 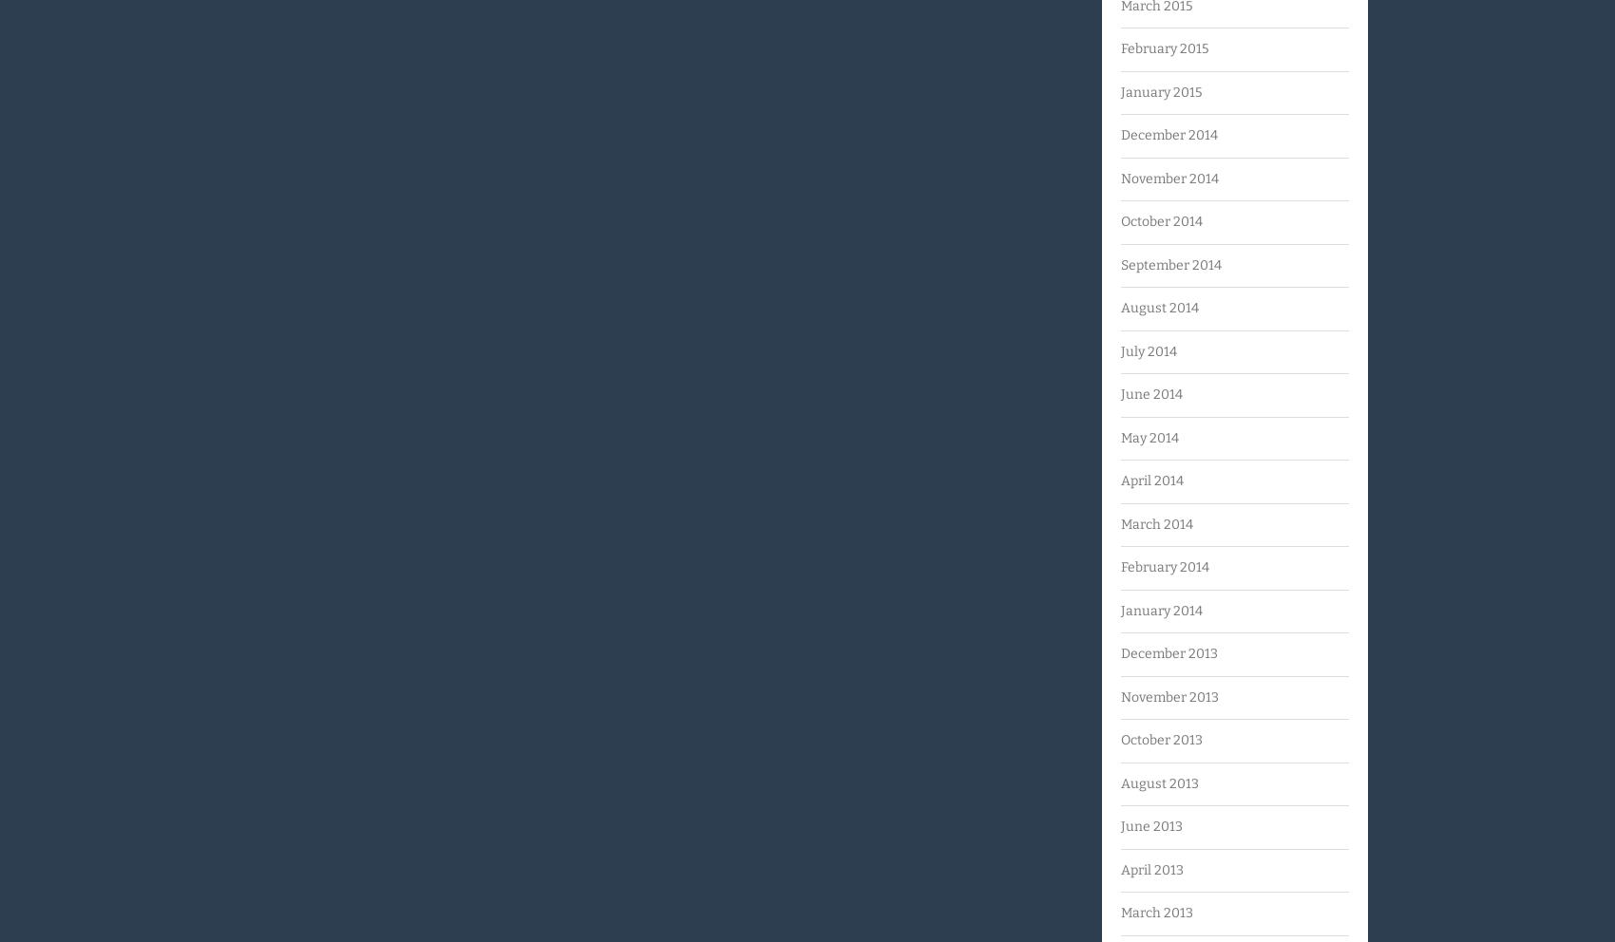 I want to click on 'January 2015', so click(x=1160, y=90).